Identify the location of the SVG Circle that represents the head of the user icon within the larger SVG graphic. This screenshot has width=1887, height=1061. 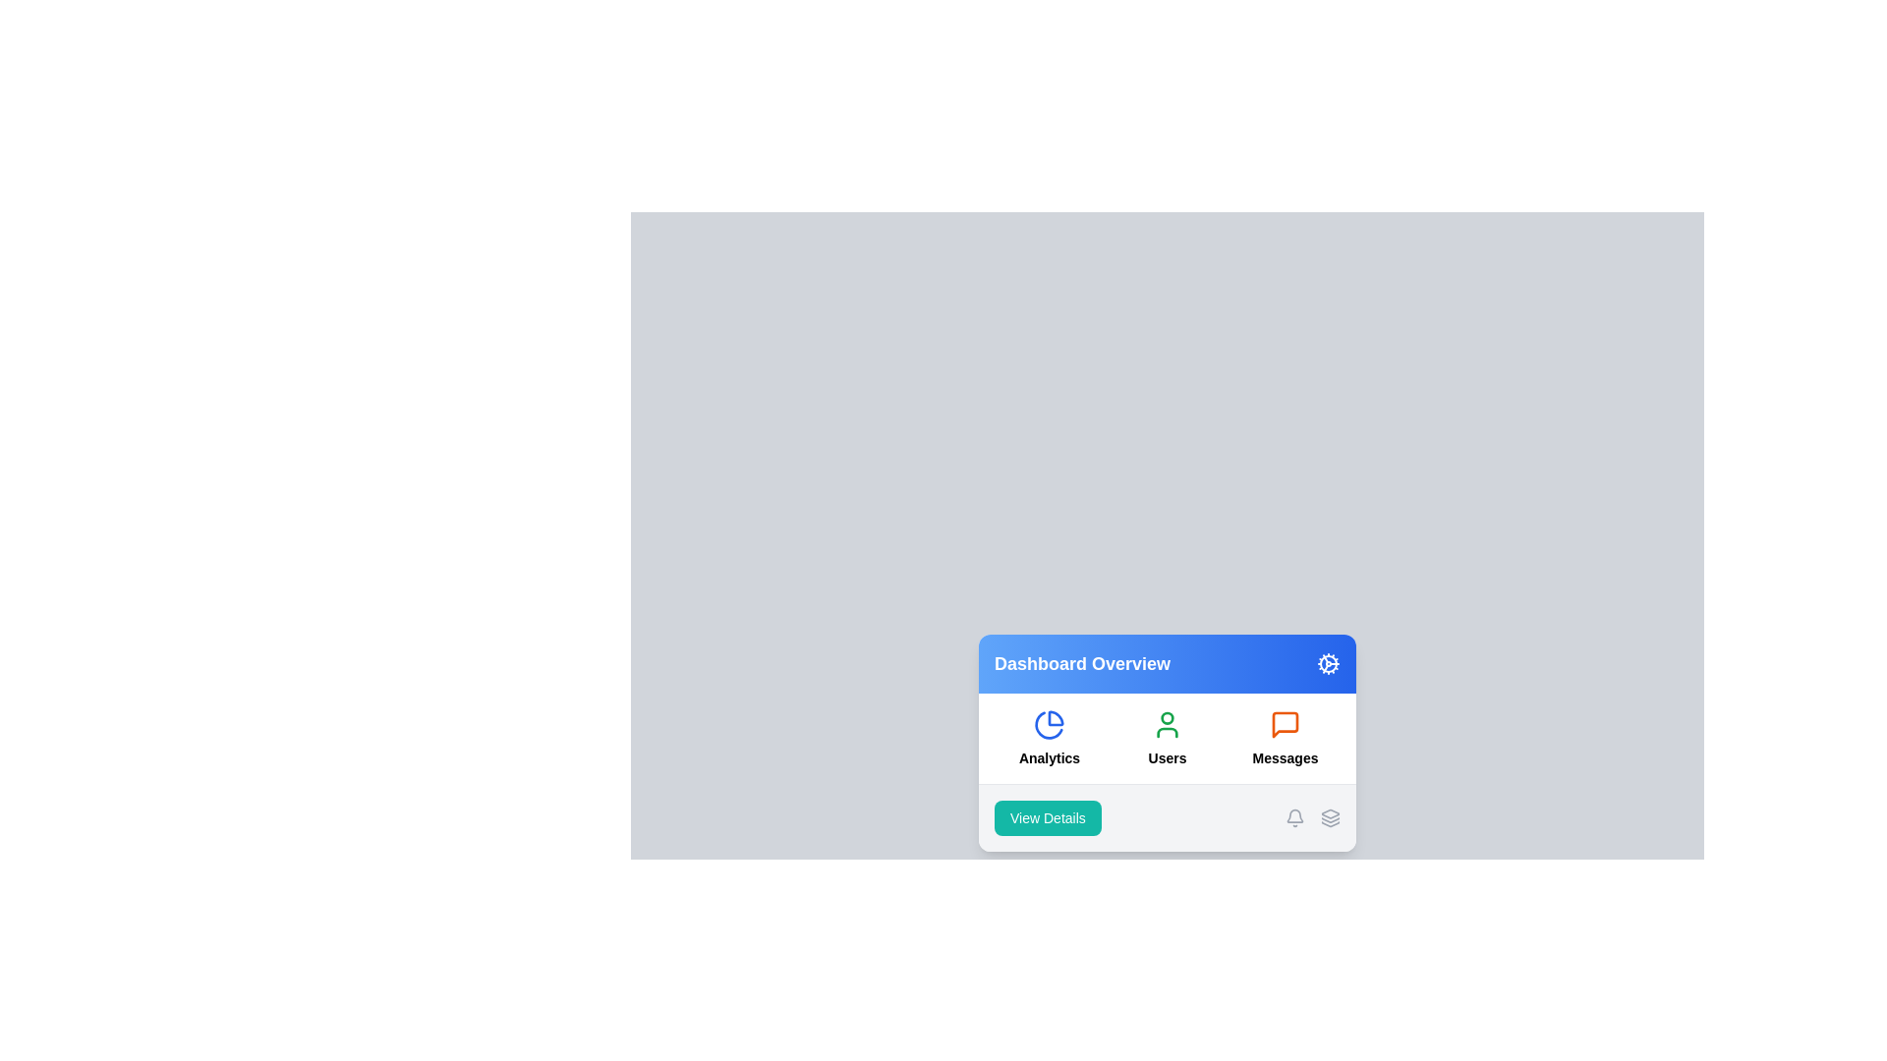
(1168, 716).